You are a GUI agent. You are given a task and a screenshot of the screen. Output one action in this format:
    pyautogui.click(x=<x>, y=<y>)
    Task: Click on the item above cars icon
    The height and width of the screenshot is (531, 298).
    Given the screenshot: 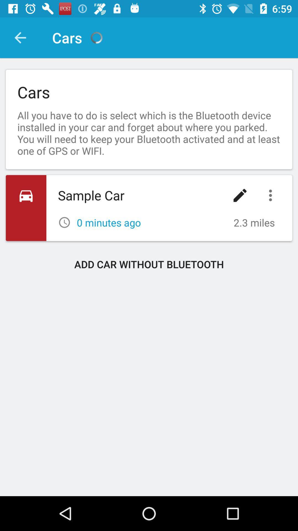 What is the action you would take?
    pyautogui.click(x=20, y=37)
    